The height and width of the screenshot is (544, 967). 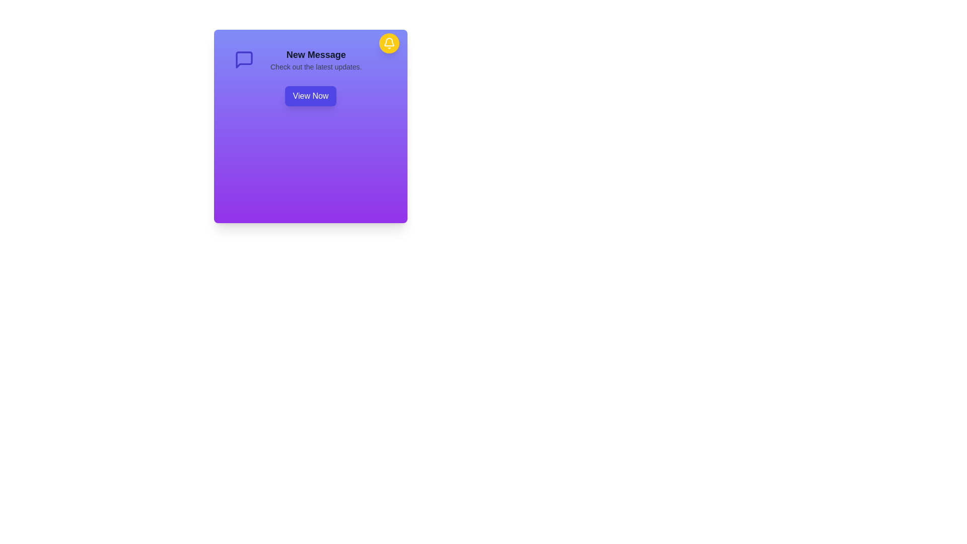 I want to click on the text block that provides notifications about new messages, located centrally within the blue-purple gradient card, so click(x=315, y=60).